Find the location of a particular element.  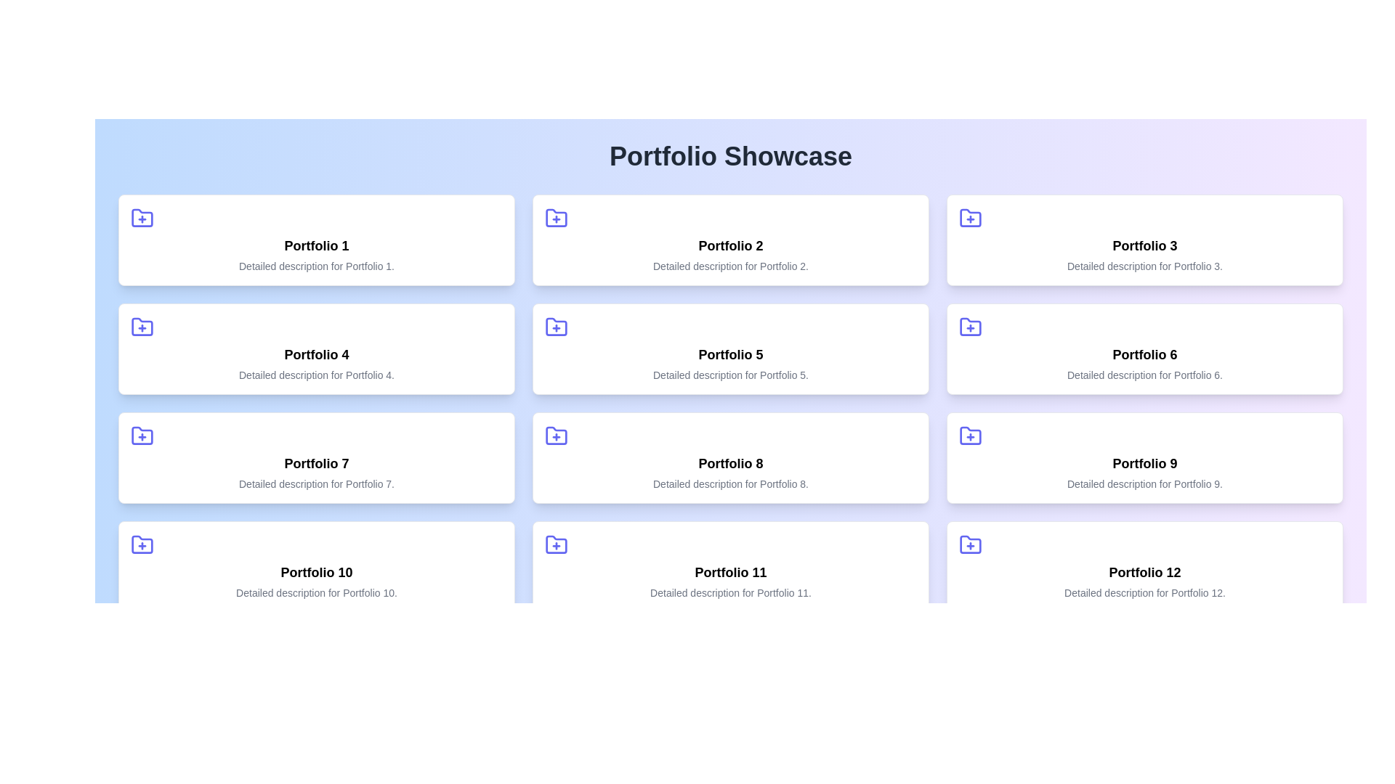

static text label providing additional information about 'Portfolio 1', located below the title in the first card of the grid layout is located at coordinates (316, 266).